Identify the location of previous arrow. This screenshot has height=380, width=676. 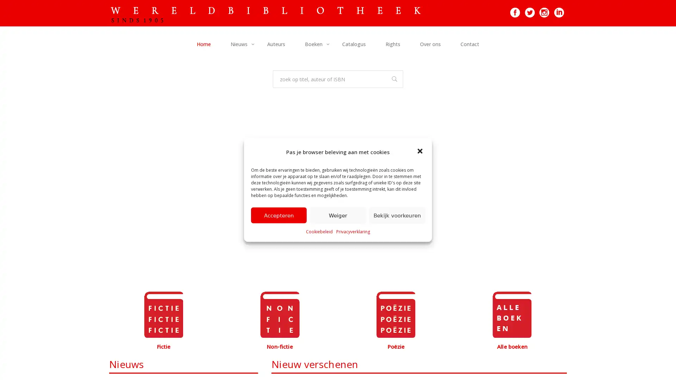
(120, 191).